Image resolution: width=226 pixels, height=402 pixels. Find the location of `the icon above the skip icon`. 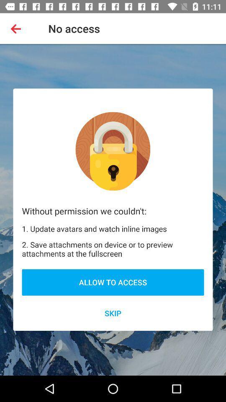

the icon above the skip icon is located at coordinates (113, 282).